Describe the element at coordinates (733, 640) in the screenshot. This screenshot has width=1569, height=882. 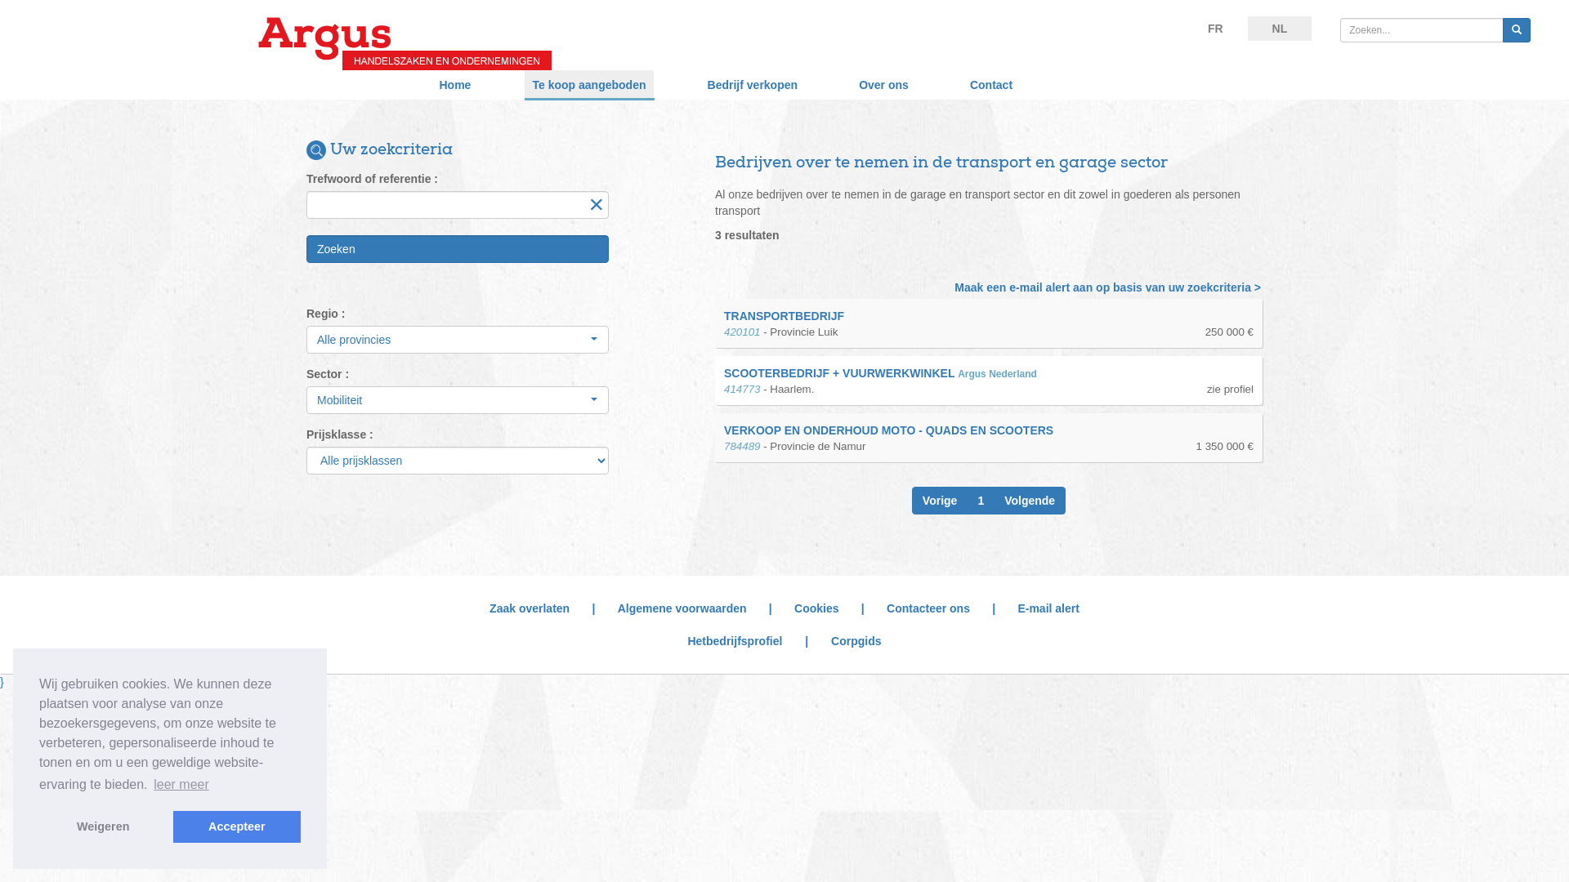
I see `'Hetbedrijfsprofiel'` at that location.